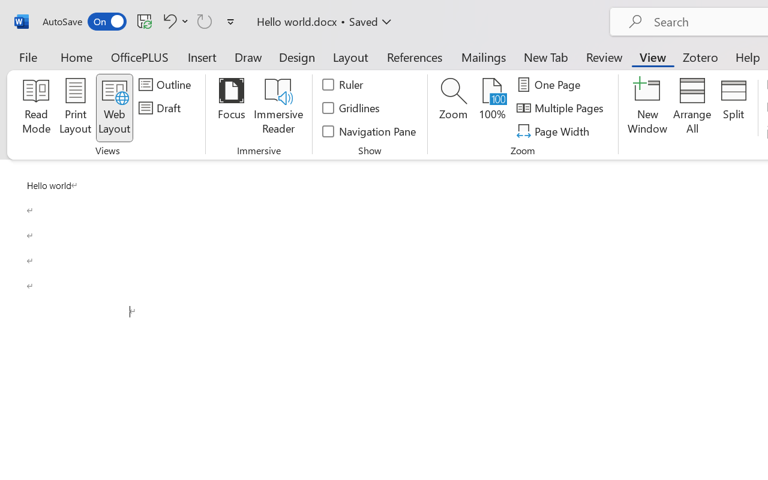 The image size is (768, 480). What do you see at coordinates (604, 56) in the screenshot?
I see `'Review'` at bounding box center [604, 56].